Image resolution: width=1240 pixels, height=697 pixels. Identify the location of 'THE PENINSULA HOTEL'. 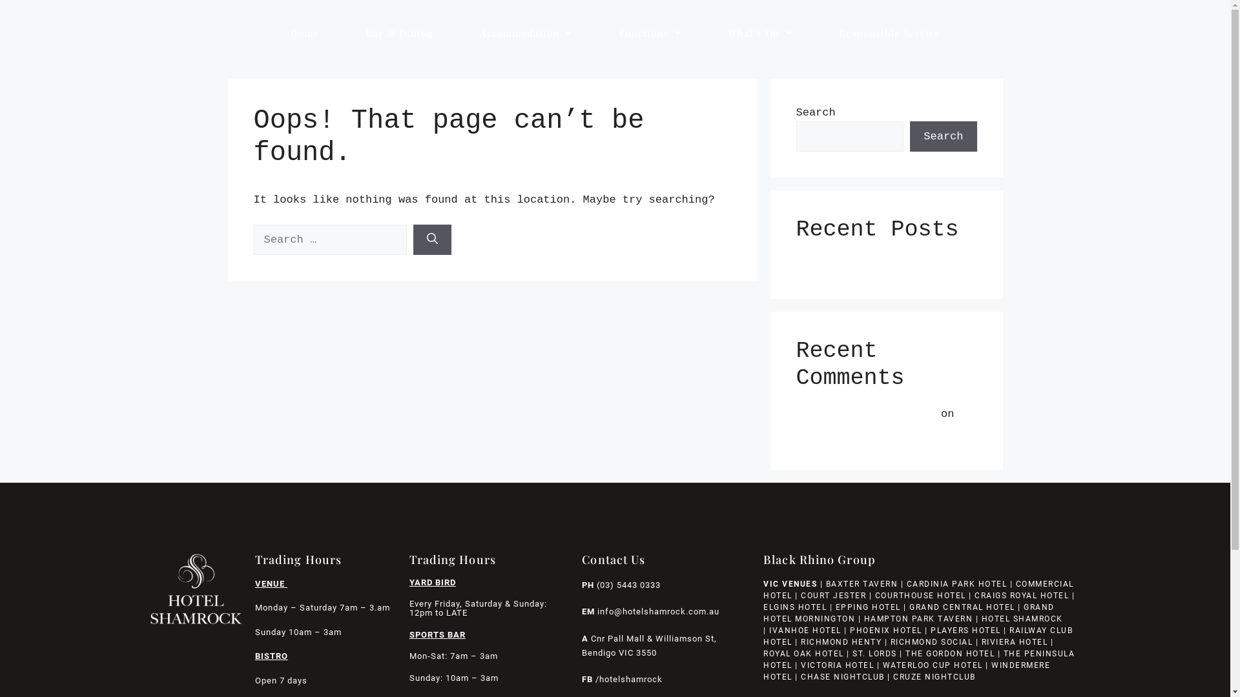
(918, 660).